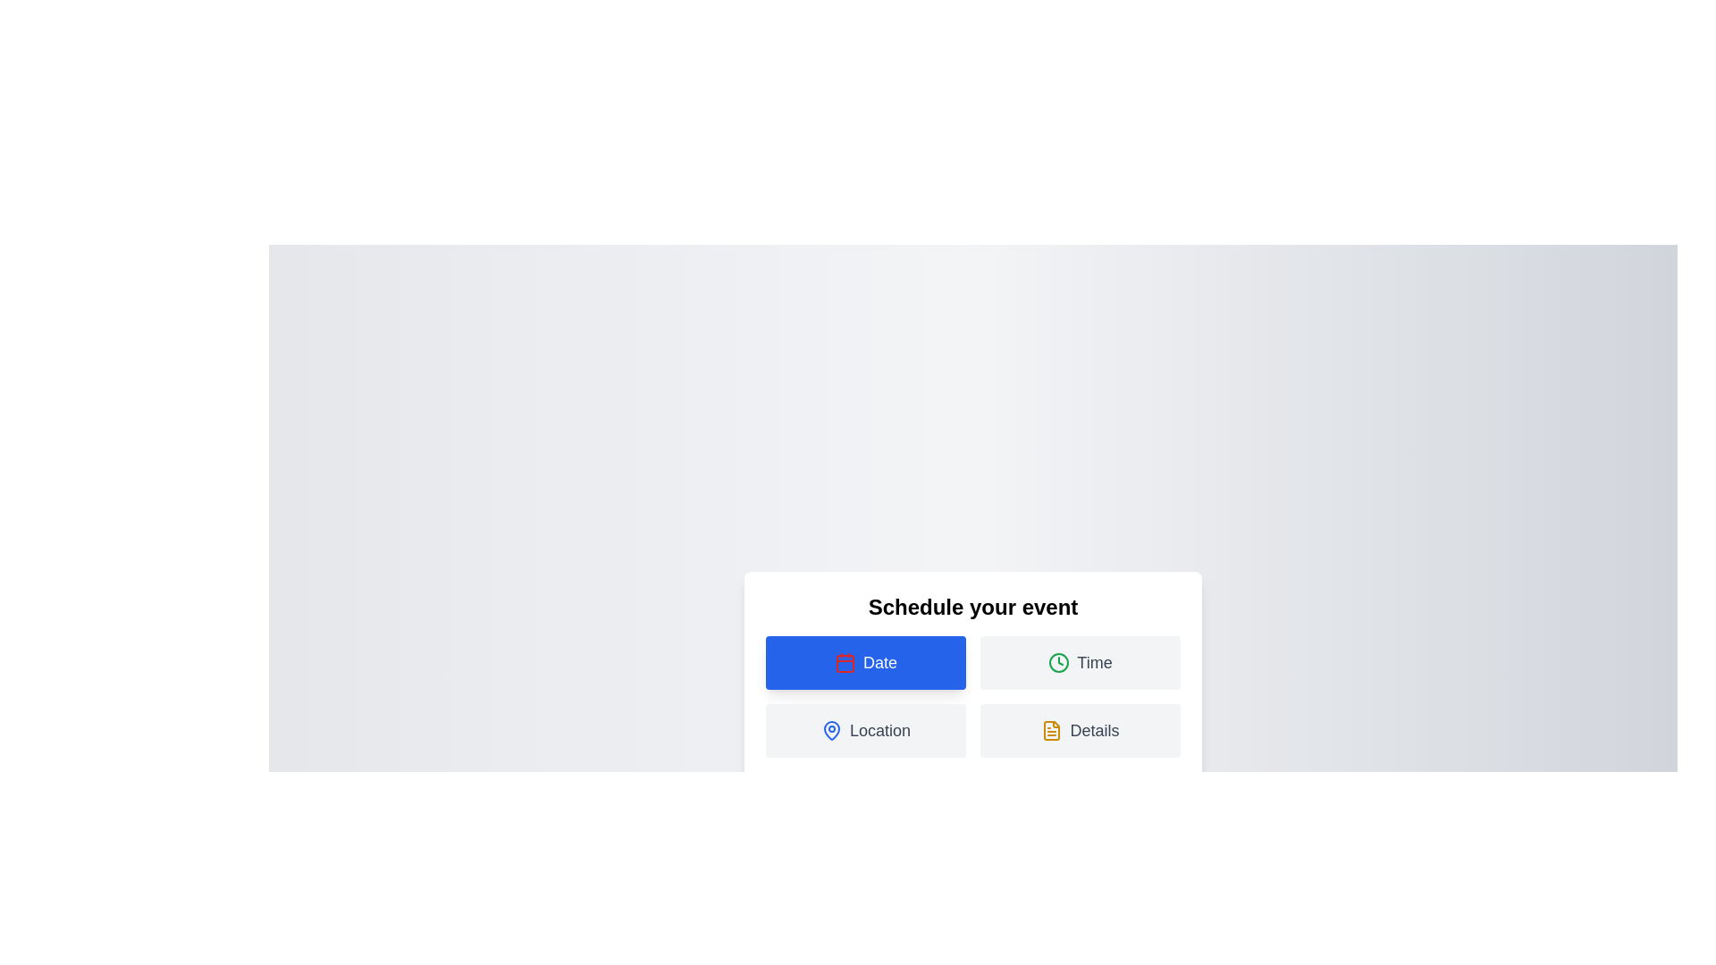 Image resolution: width=1716 pixels, height=965 pixels. What do you see at coordinates (1052, 730) in the screenshot?
I see `the yellow file-like icon with rounded corners and a fold in the top-left corner, located in the bottom-right quadrant of the UI, aligned with the 'Details' button` at bounding box center [1052, 730].